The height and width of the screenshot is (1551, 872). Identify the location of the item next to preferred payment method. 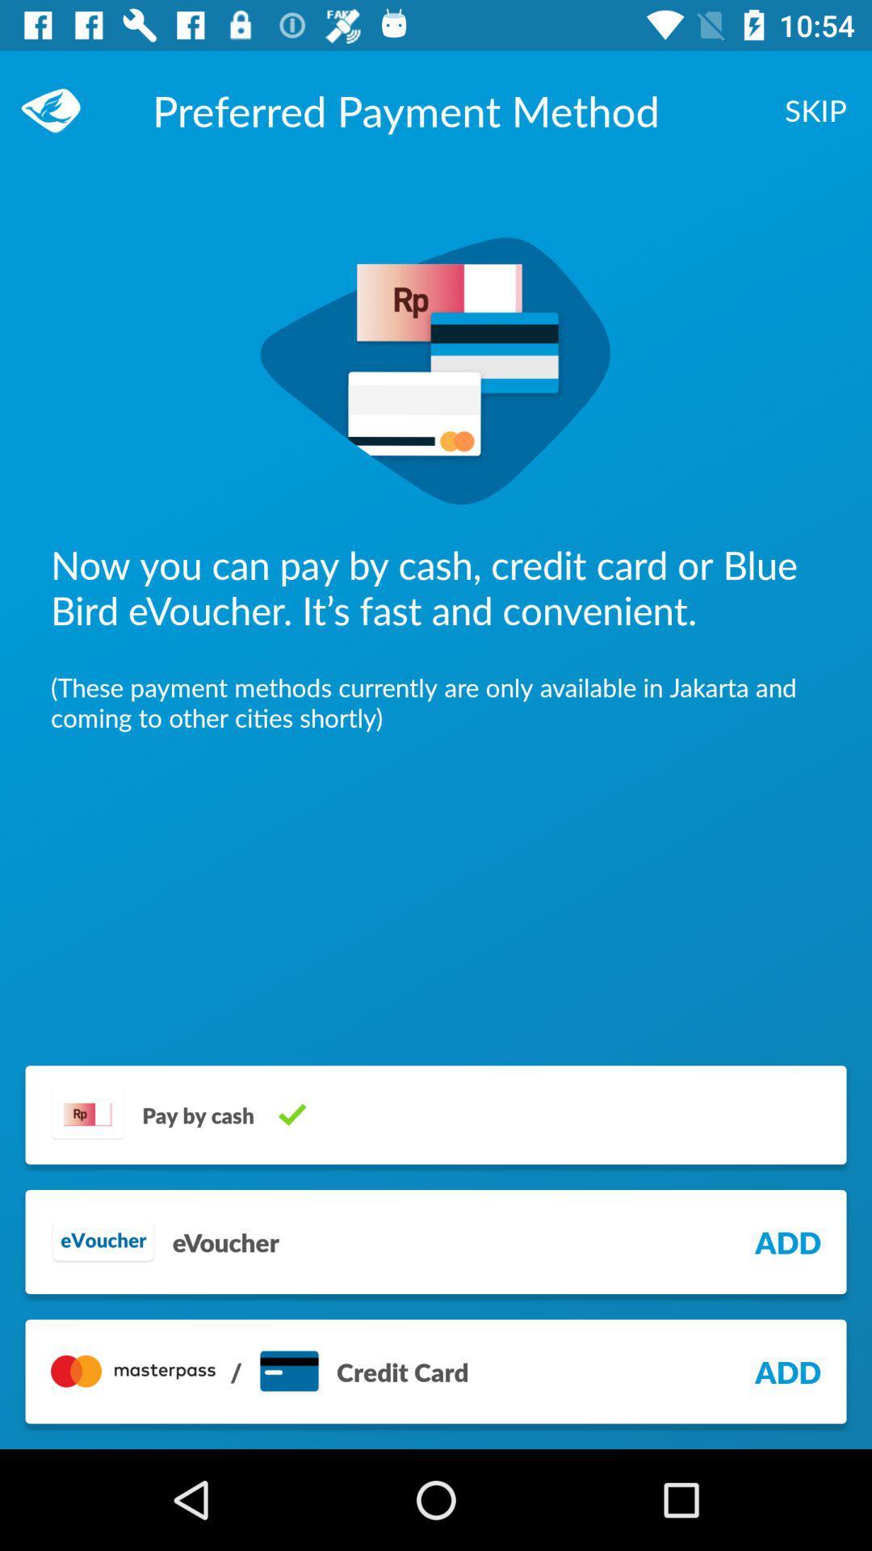
(58, 109).